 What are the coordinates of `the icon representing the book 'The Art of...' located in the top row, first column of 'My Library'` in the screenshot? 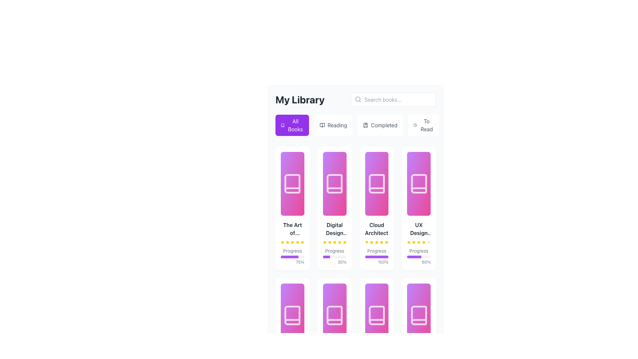 It's located at (292, 183).